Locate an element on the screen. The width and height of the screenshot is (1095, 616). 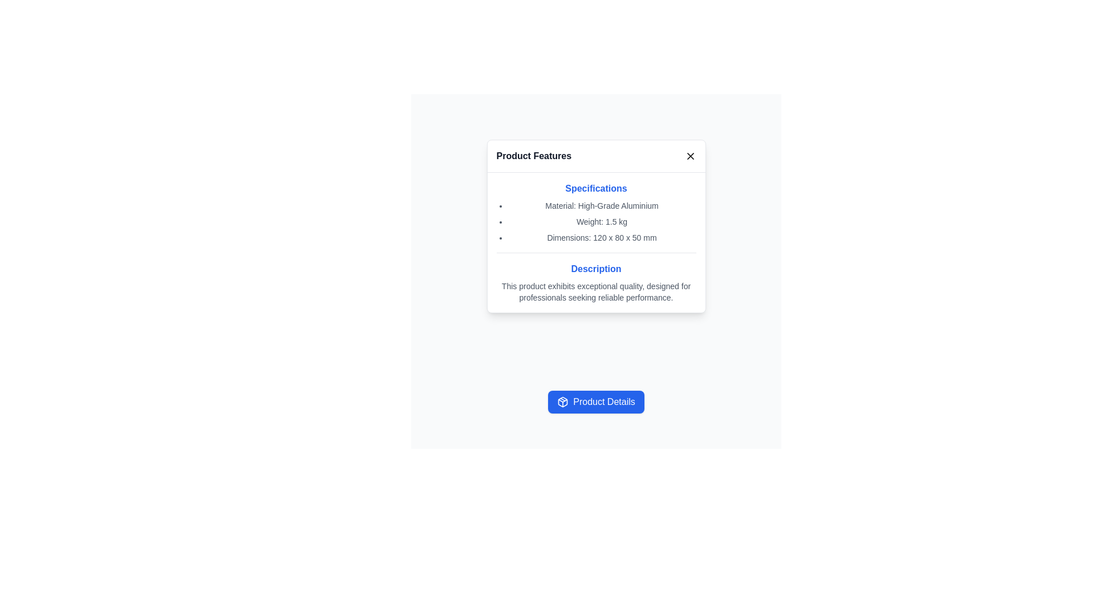
the third text label under the 'Specifications' header that displays dimension information of a product is located at coordinates (601, 237).